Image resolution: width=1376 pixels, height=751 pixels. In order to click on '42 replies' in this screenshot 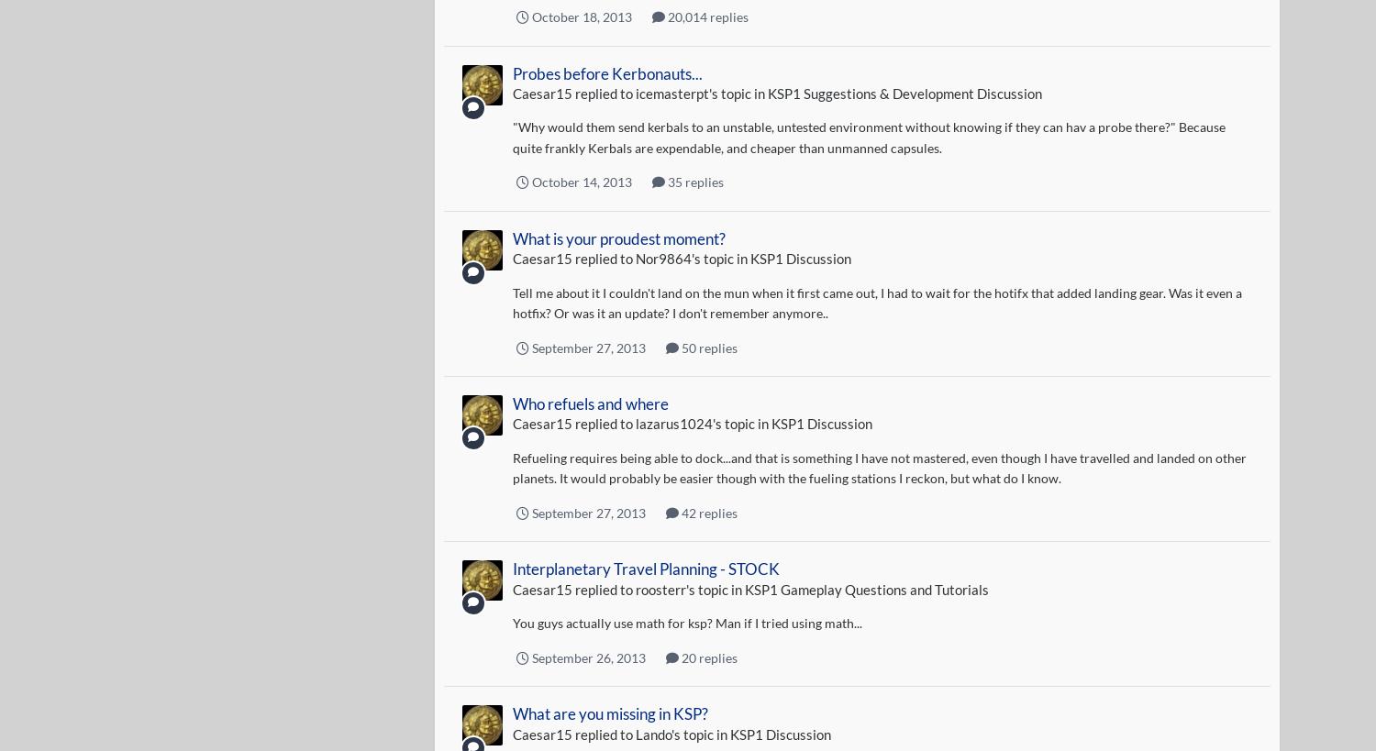, I will do `click(677, 512)`.